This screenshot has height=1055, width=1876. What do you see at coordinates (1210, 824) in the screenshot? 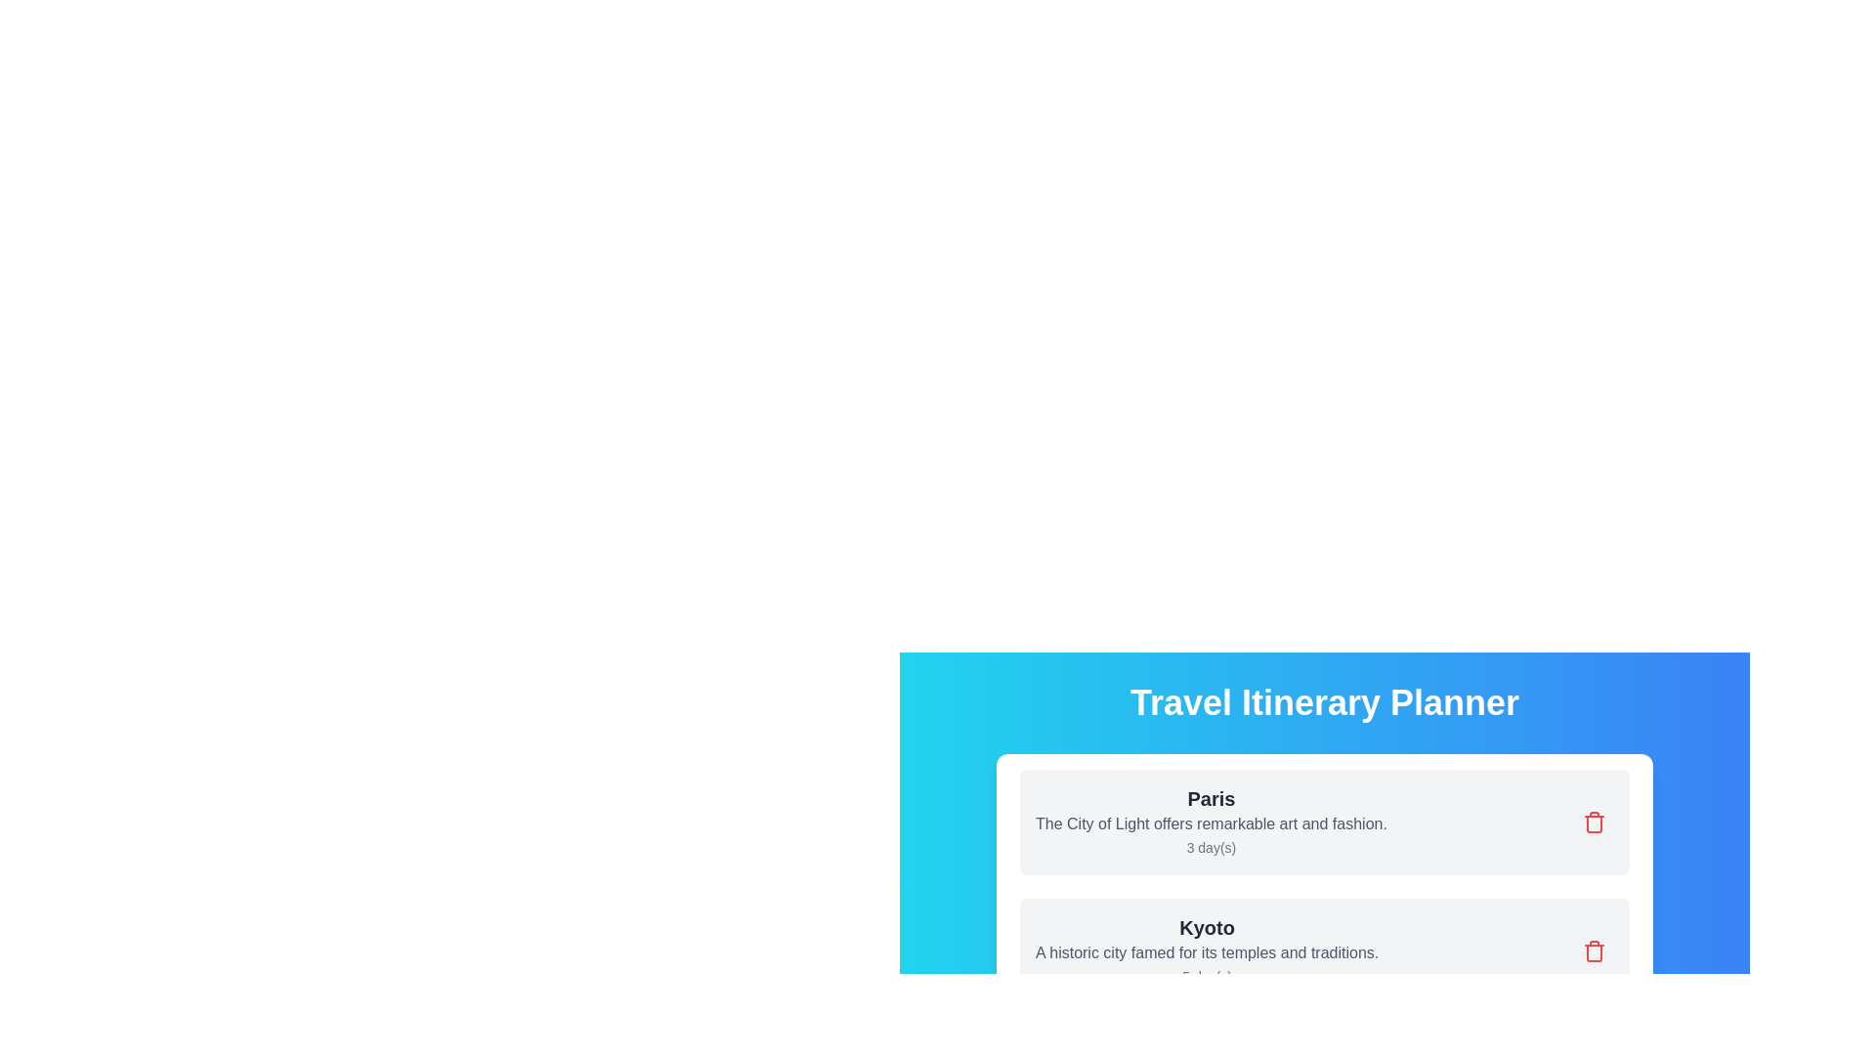
I see `the static text element that provides a description or tagline related to 'Paris', positioned beneath the title 'Paris' and above '3 day(s)' in the travel itinerary card` at bounding box center [1210, 824].